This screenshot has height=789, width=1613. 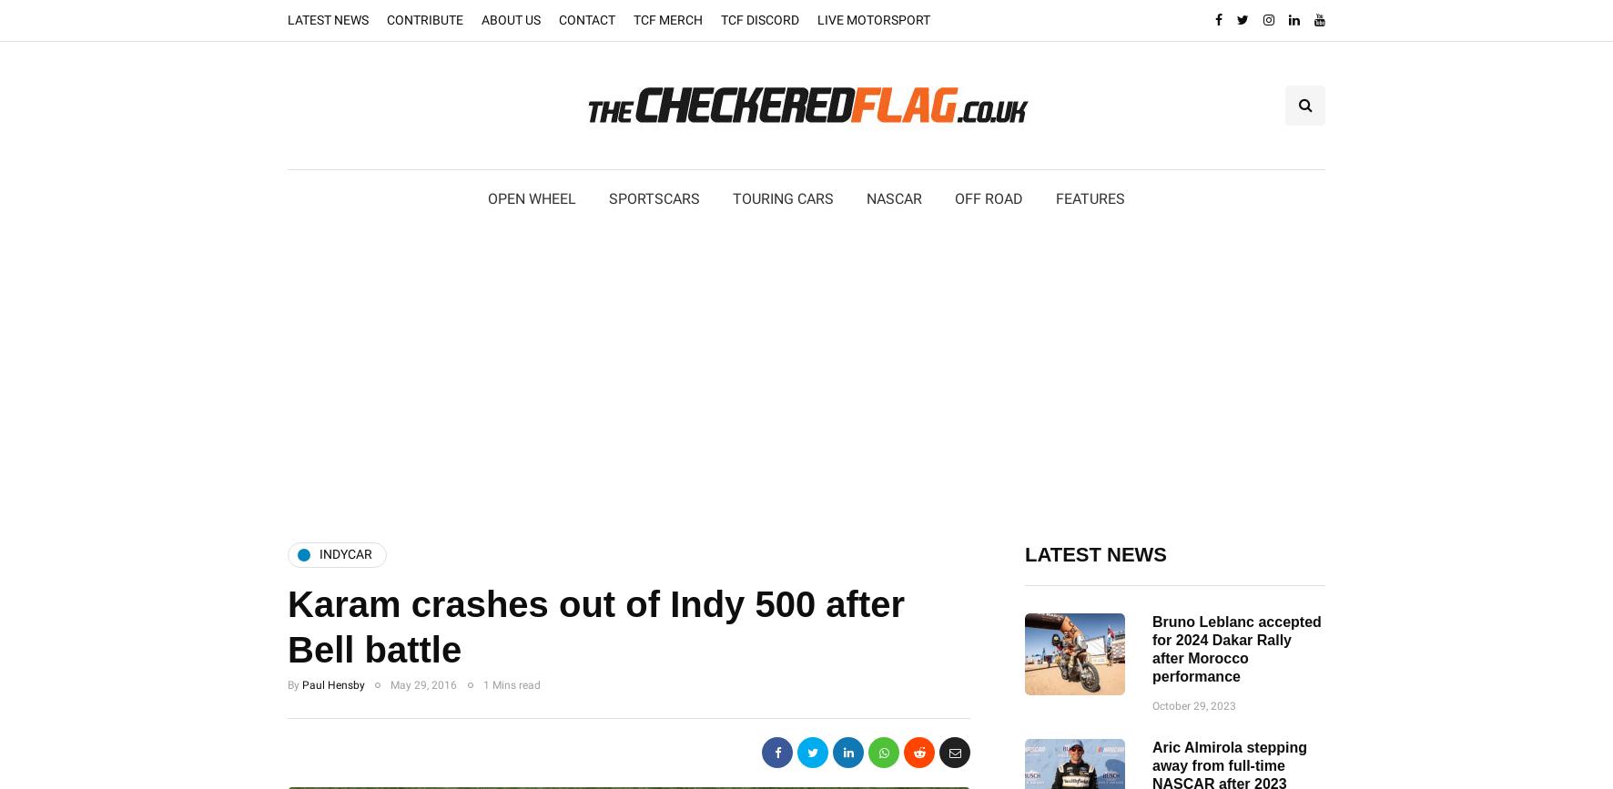 What do you see at coordinates (333, 683) in the screenshot?
I see `'Paul Hensby'` at bounding box center [333, 683].